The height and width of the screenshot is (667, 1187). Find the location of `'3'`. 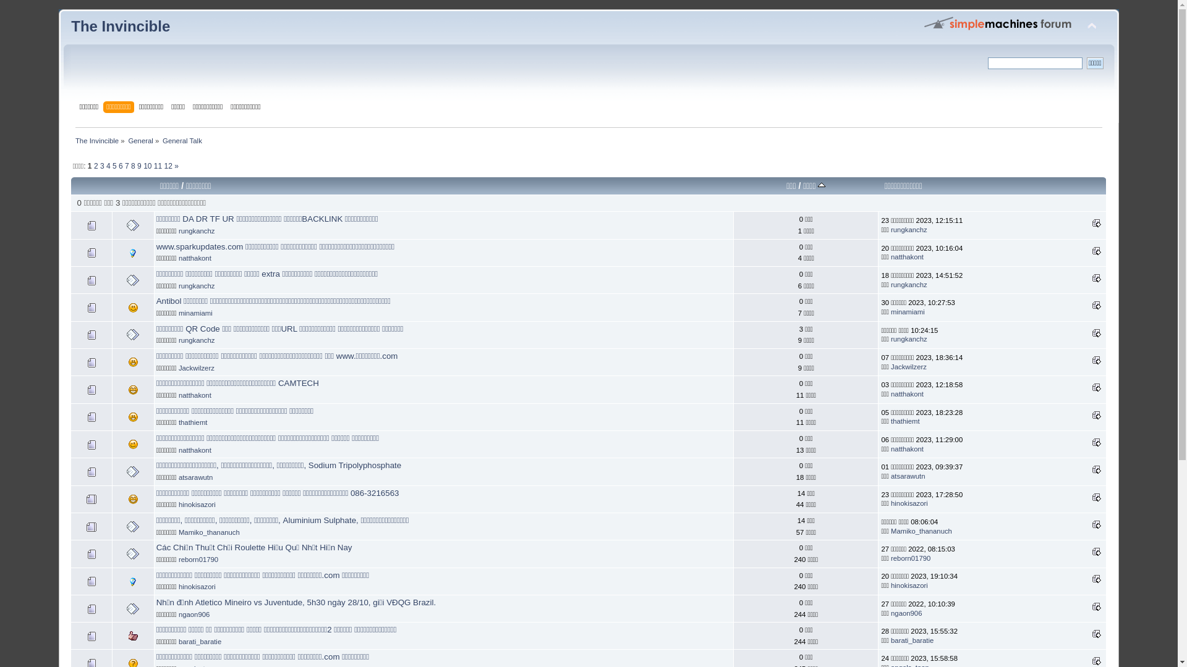

'3' is located at coordinates (102, 166).